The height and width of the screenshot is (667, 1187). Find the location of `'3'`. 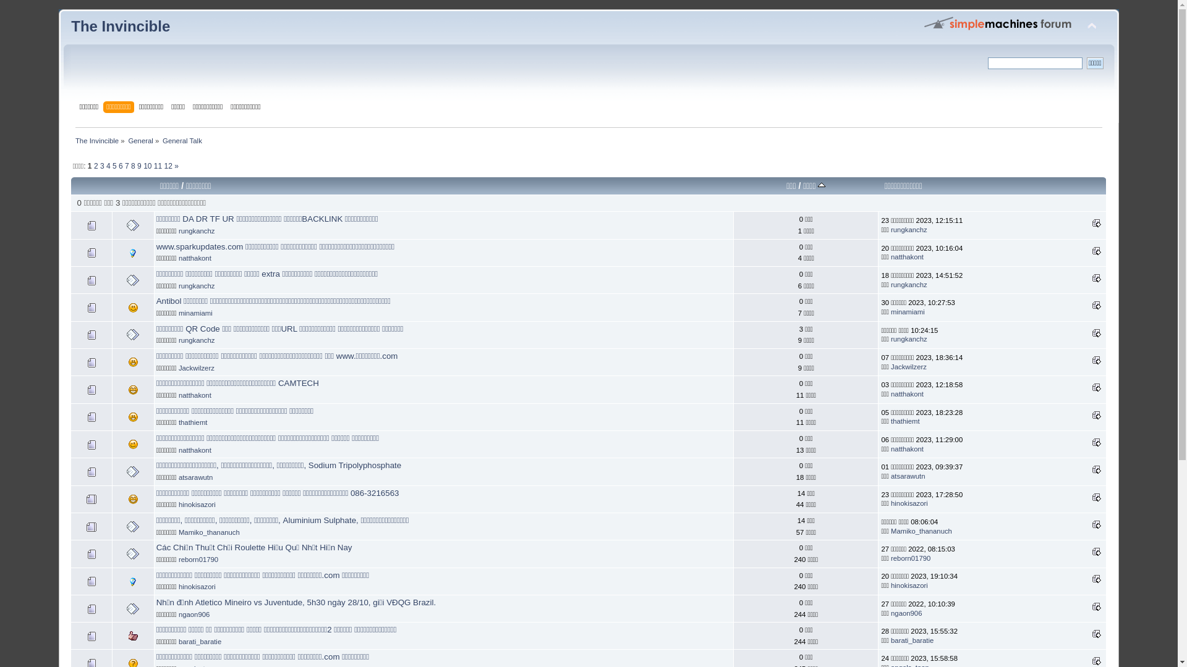

'3' is located at coordinates (102, 166).